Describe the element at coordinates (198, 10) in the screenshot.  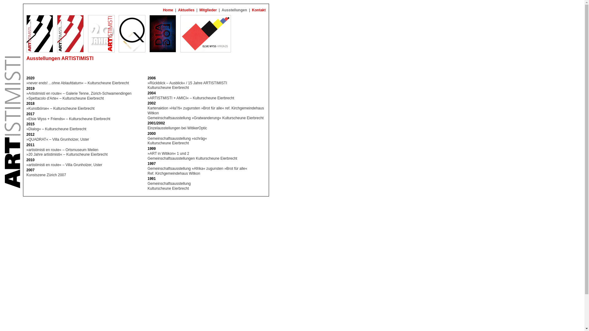
I see `'Mitglieder'` at that location.